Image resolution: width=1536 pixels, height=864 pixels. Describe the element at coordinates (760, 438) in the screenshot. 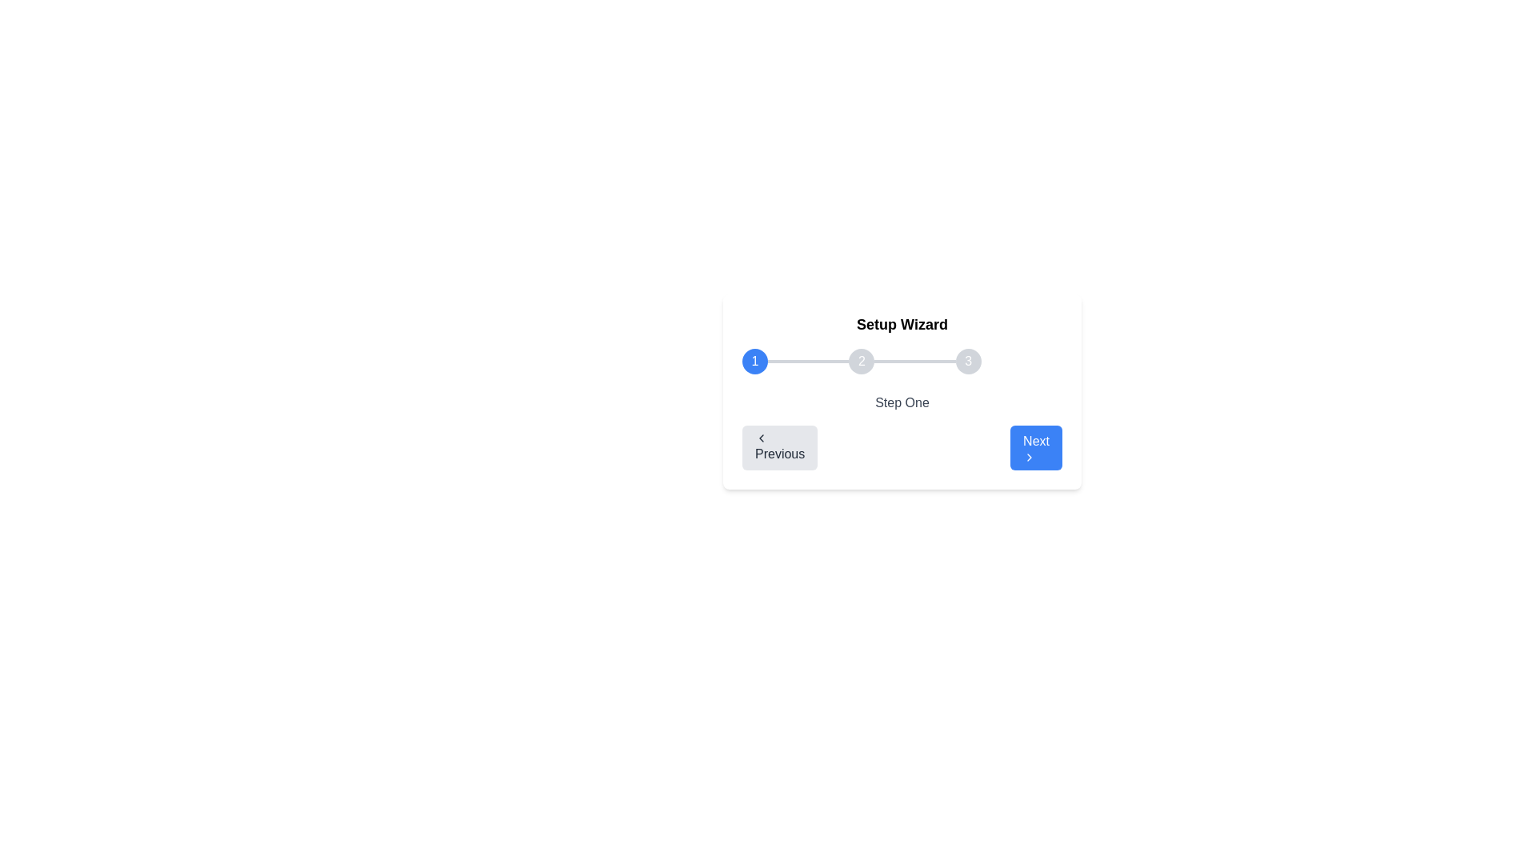

I see `the left-pointing chevron icon within the 'Previous' button in the Setup Wizard interface` at that location.